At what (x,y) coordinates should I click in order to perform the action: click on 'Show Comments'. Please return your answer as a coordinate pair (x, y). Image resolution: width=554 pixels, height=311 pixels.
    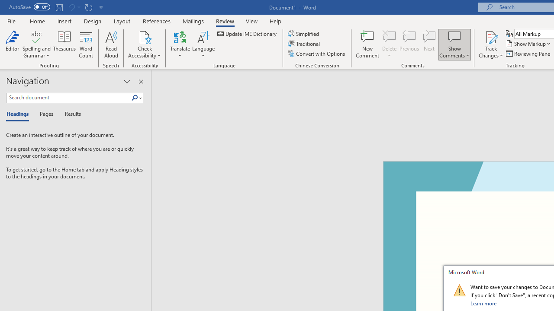
    Looking at the image, I should click on (454, 36).